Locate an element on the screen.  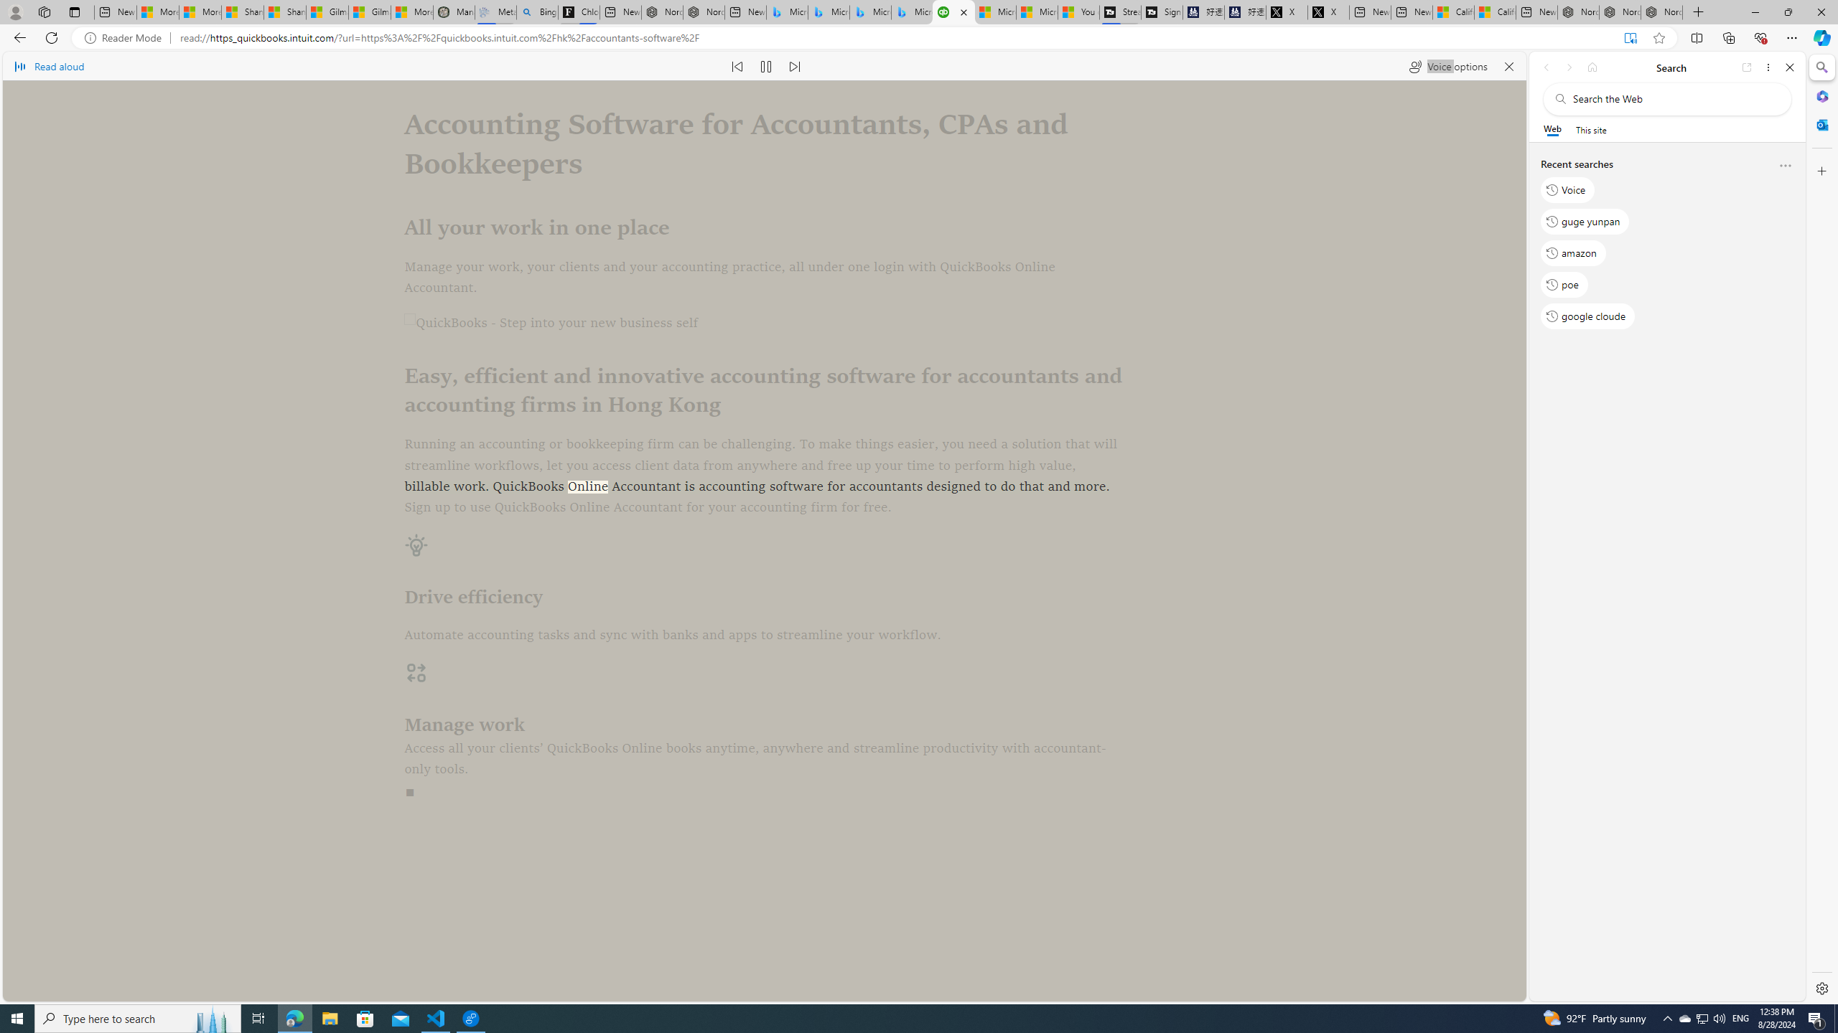
'Microsoft Bing Travel - Stays in Bangkok, Bangkok, Thailand' is located at coordinates (828, 11).